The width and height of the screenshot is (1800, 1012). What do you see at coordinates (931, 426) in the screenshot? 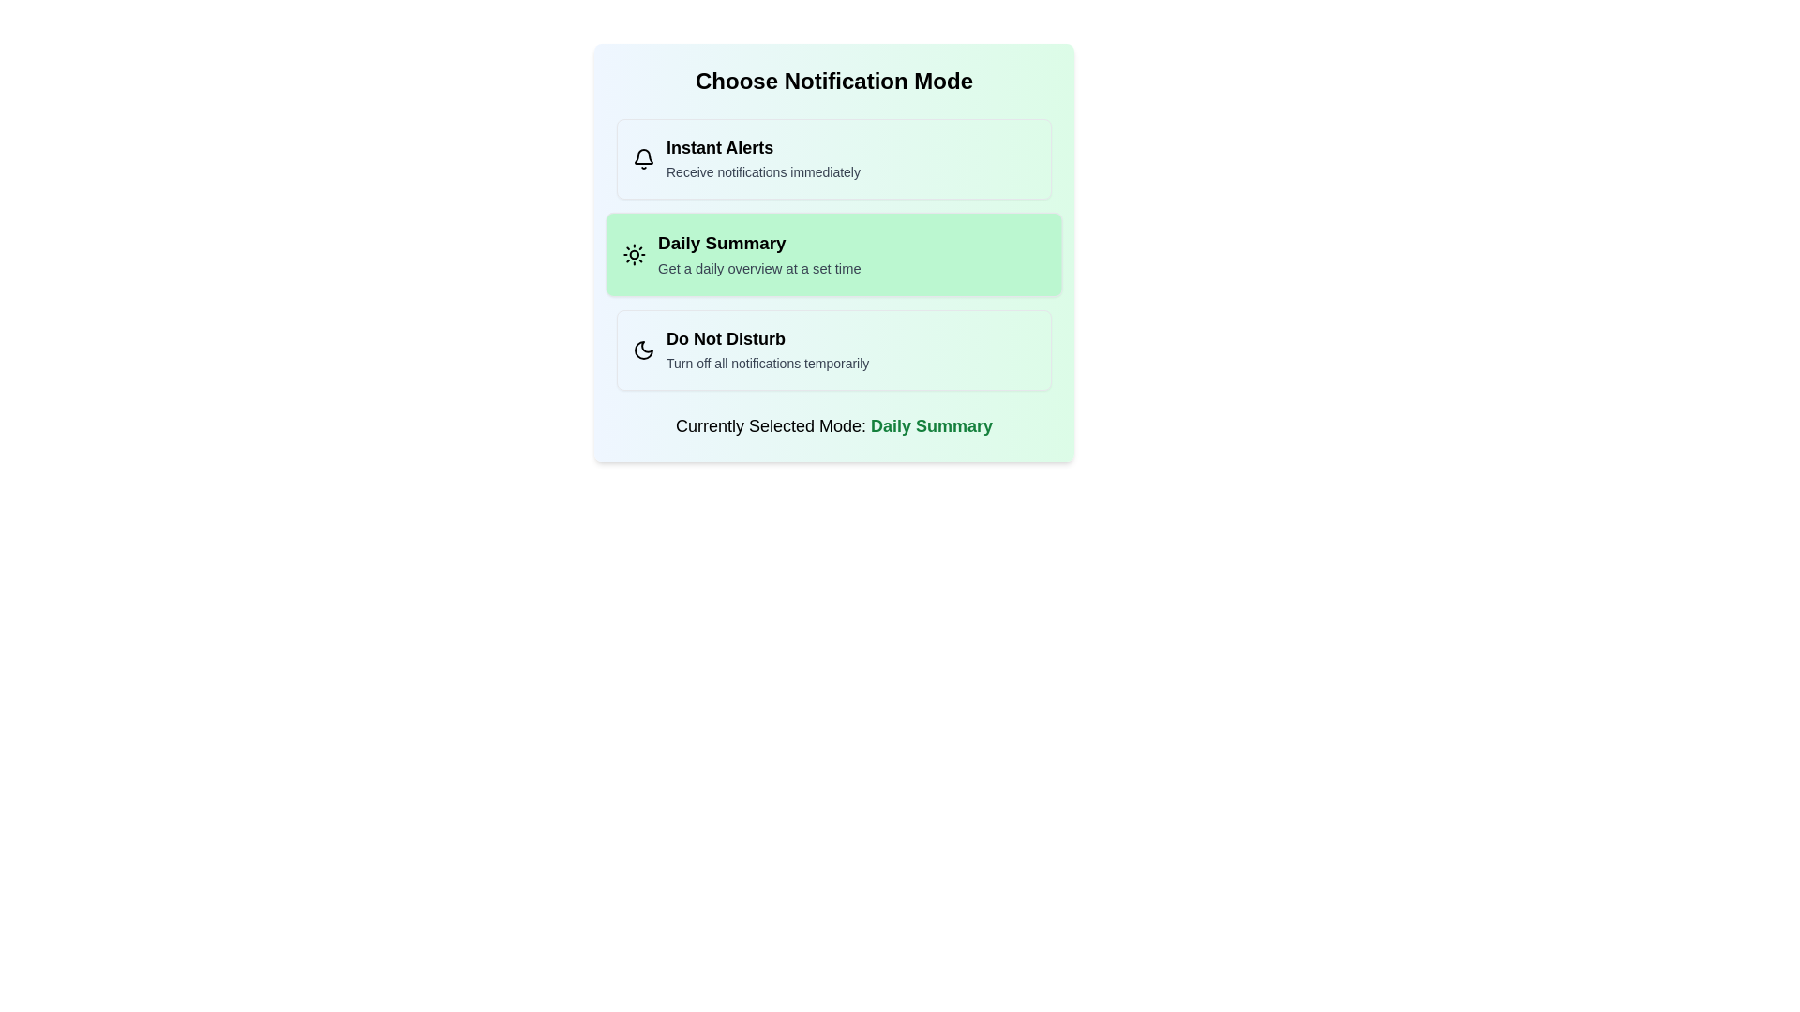
I see `the bold text label 'Daily Summary' written in green, which is part of the line 'Currently Selected Mode: Daily Summary'` at bounding box center [931, 426].